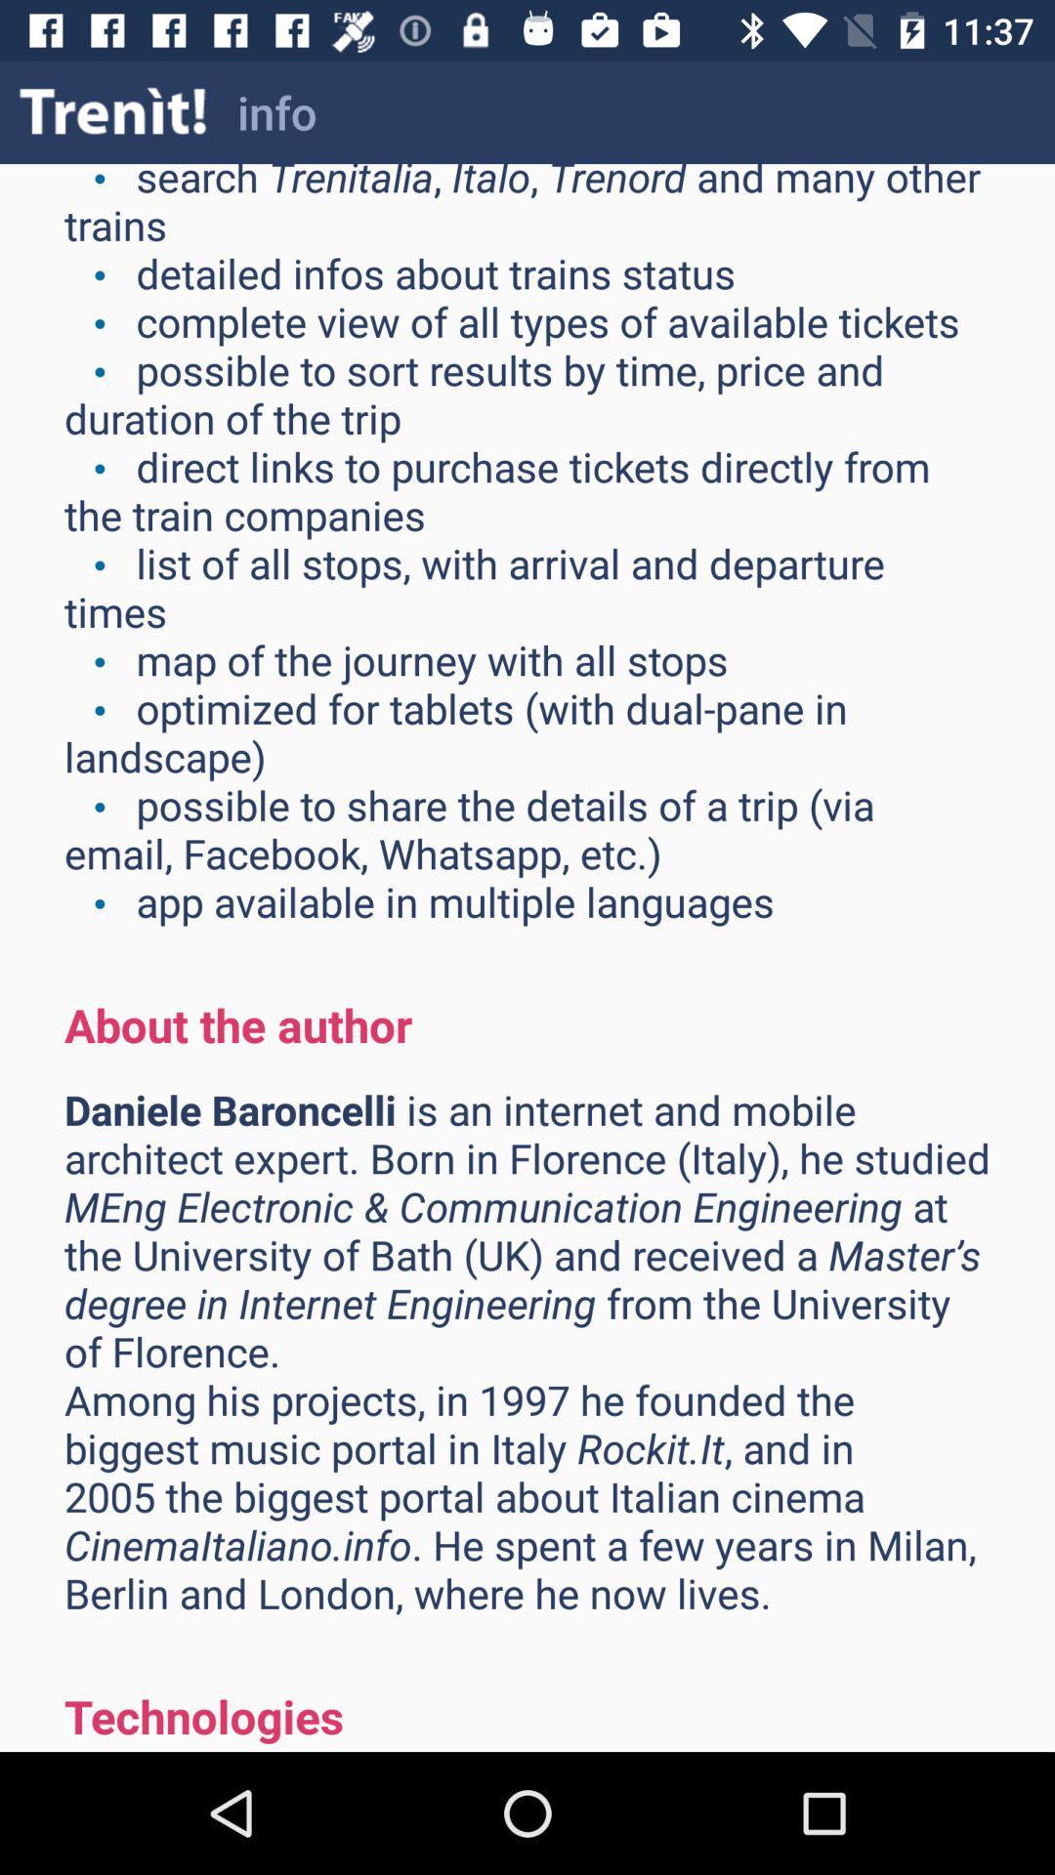  Describe the element at coordinates (113, 111) in the screenshot. I see `icon next to info` at that location.